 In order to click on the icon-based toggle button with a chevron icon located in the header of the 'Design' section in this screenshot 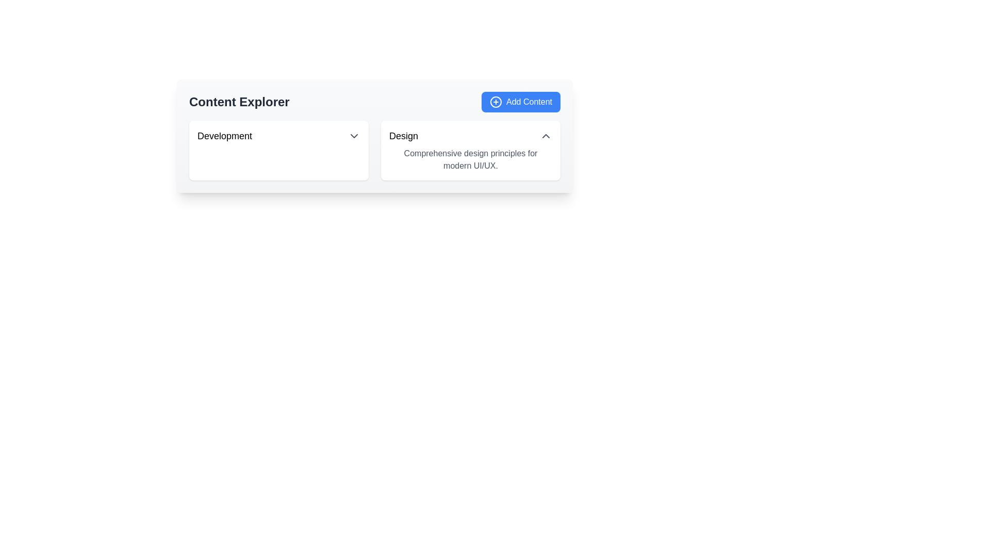, I will do `click(546, 135)`.